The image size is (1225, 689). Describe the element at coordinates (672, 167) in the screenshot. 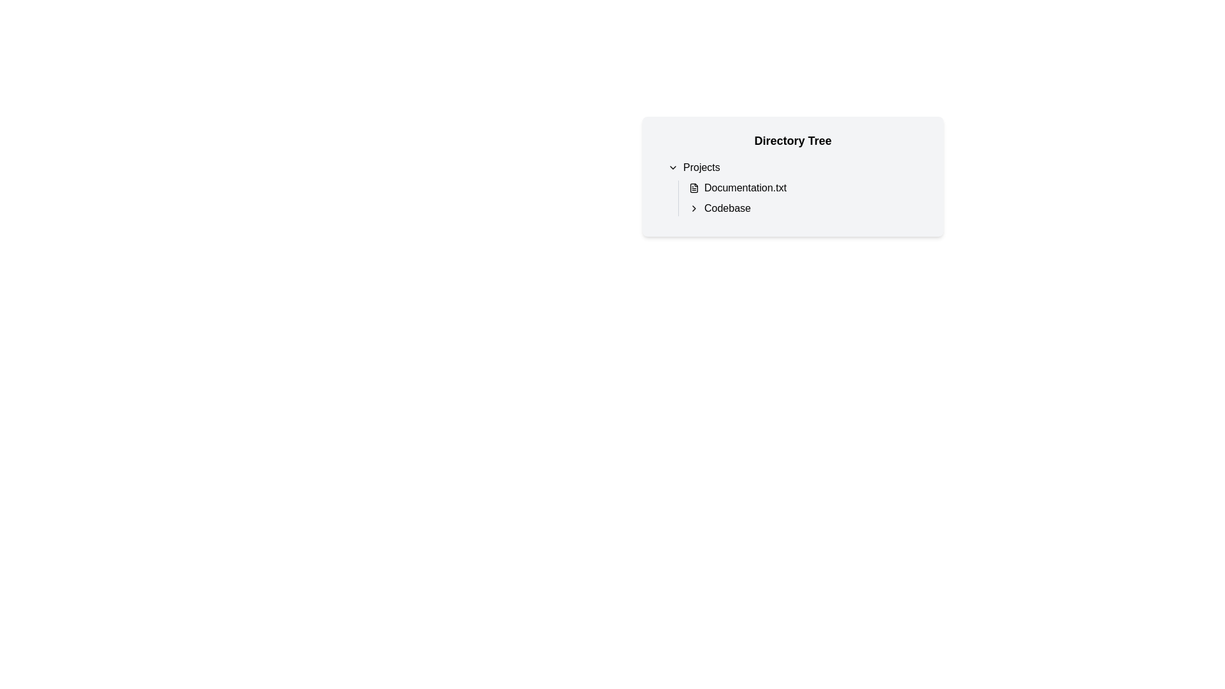

I see `the downward arrow icon located to the left of the 'Projects' label to trigger additional visual effects` at that location.